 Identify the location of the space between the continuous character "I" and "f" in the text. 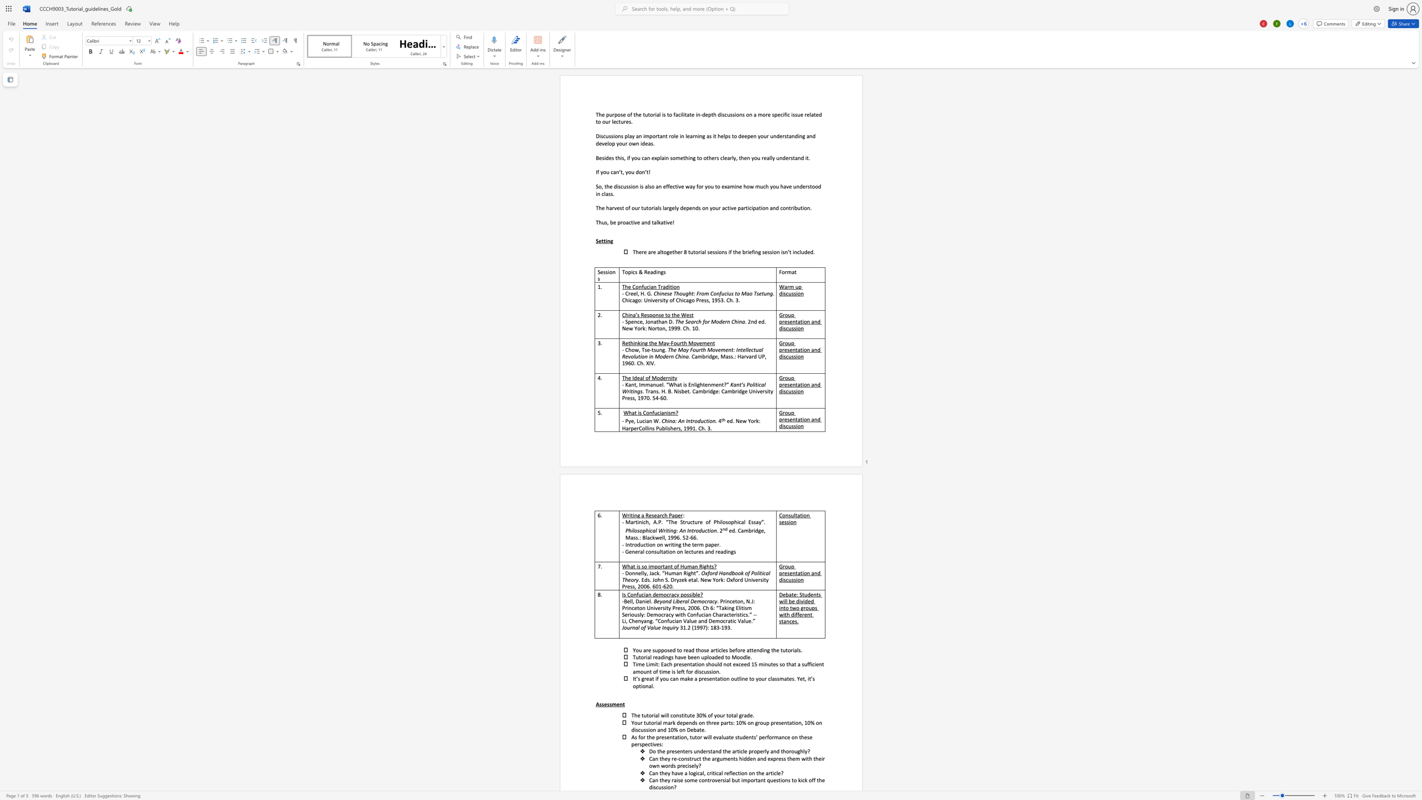
(597, 172).